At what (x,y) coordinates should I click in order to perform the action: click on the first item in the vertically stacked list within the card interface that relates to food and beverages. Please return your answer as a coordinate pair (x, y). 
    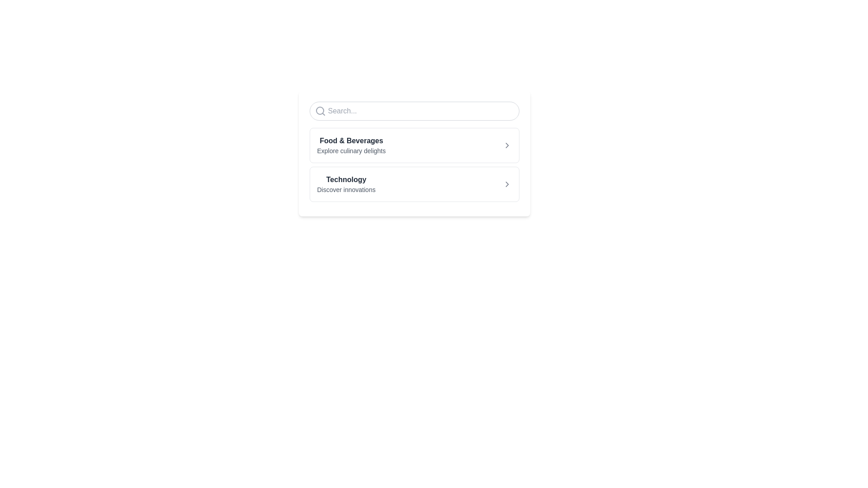
    Looking at the image, I should click on (351, 145).